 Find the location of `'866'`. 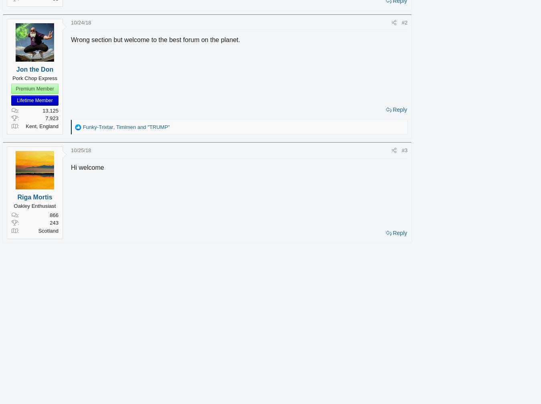

'866' is located at coordinates (66, 215).